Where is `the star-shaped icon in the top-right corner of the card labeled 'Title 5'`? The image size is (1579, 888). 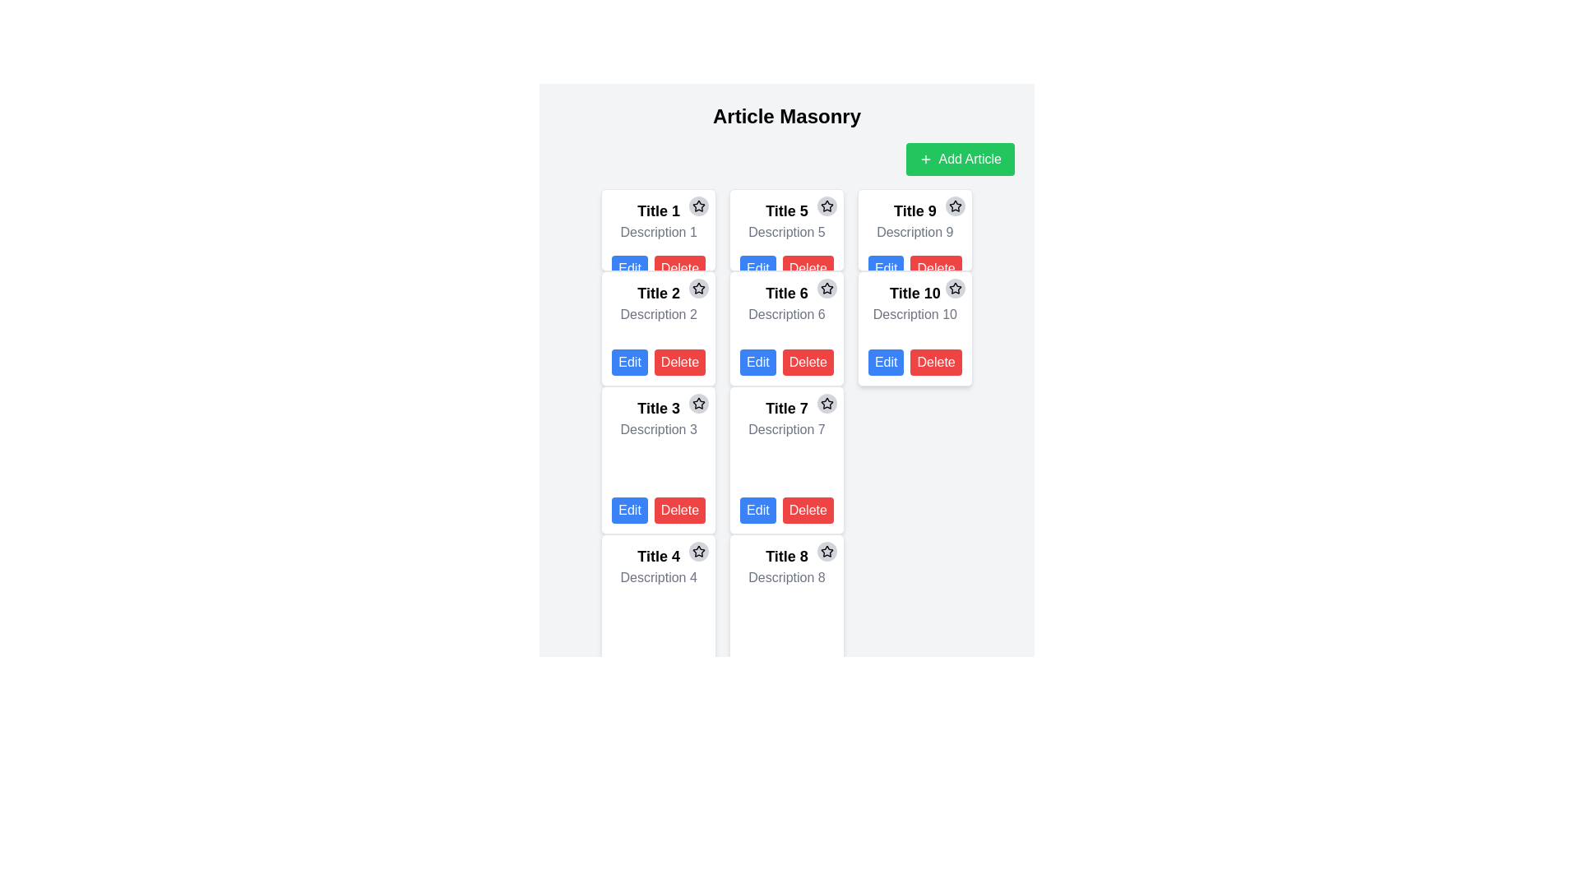 the star-shaped icon in the top-right corner of the card labeled 'Title 5' is located at coordinates (827, 205).